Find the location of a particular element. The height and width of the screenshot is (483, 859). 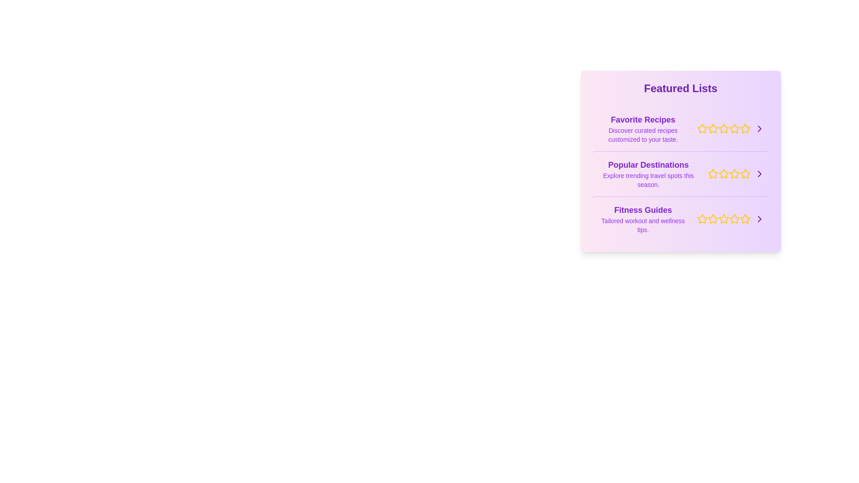

the list item titled Favorite Recipes to highlight it is located at coordinates (680, 129).